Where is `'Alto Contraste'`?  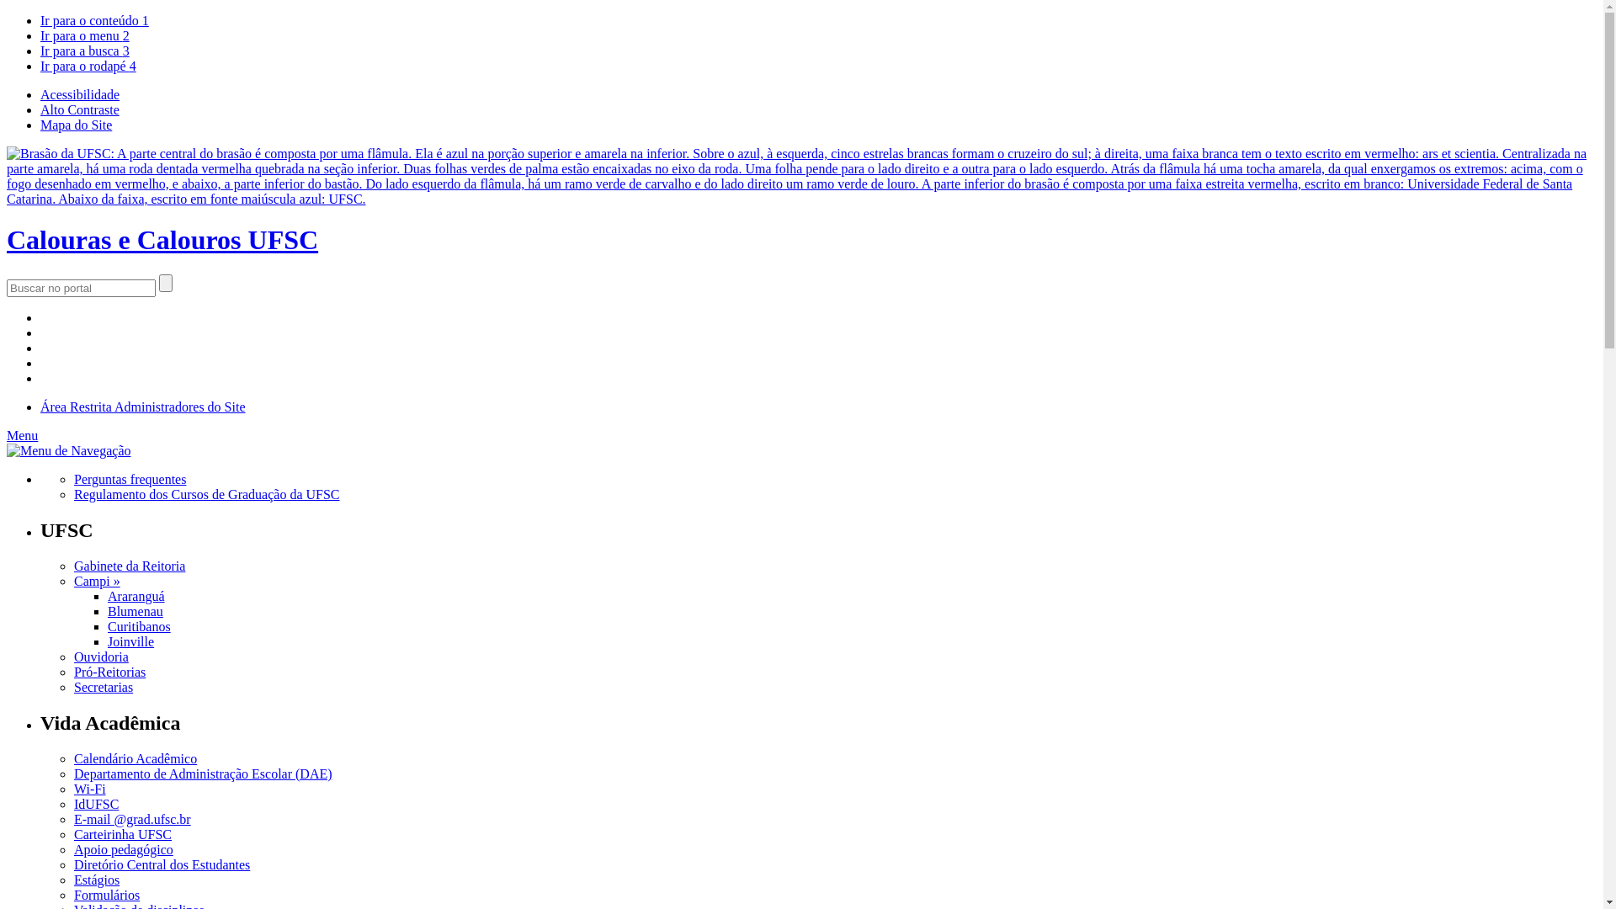
'Alto Contraste' is located at coordinates (79, 109).